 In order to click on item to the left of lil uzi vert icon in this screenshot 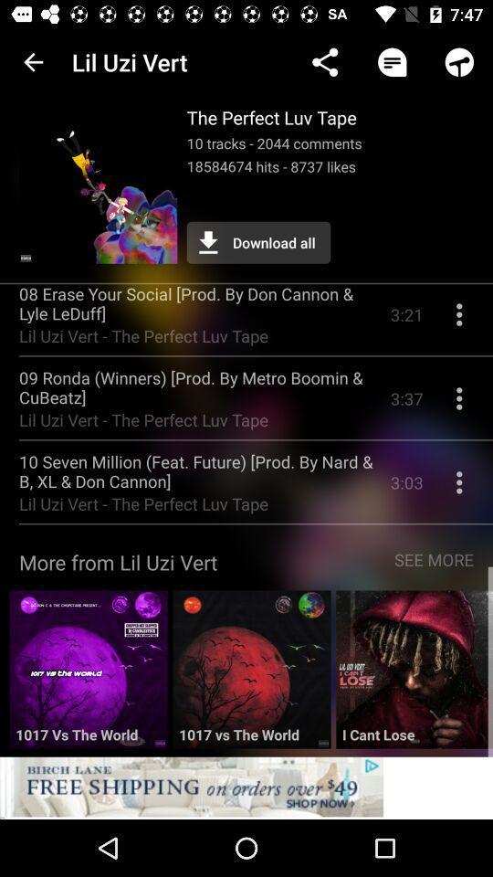, I will do `click(33, 62)`.